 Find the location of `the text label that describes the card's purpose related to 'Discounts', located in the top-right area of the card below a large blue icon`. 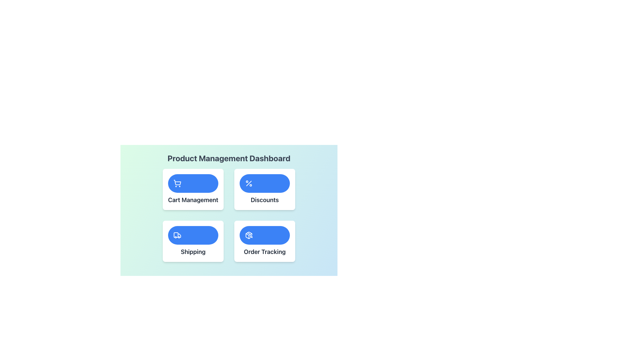

the text label that describes the card's purpose related to 'Discounts', located in the top-right area of the card below a large blue icon is located at coordinates (264, 199).